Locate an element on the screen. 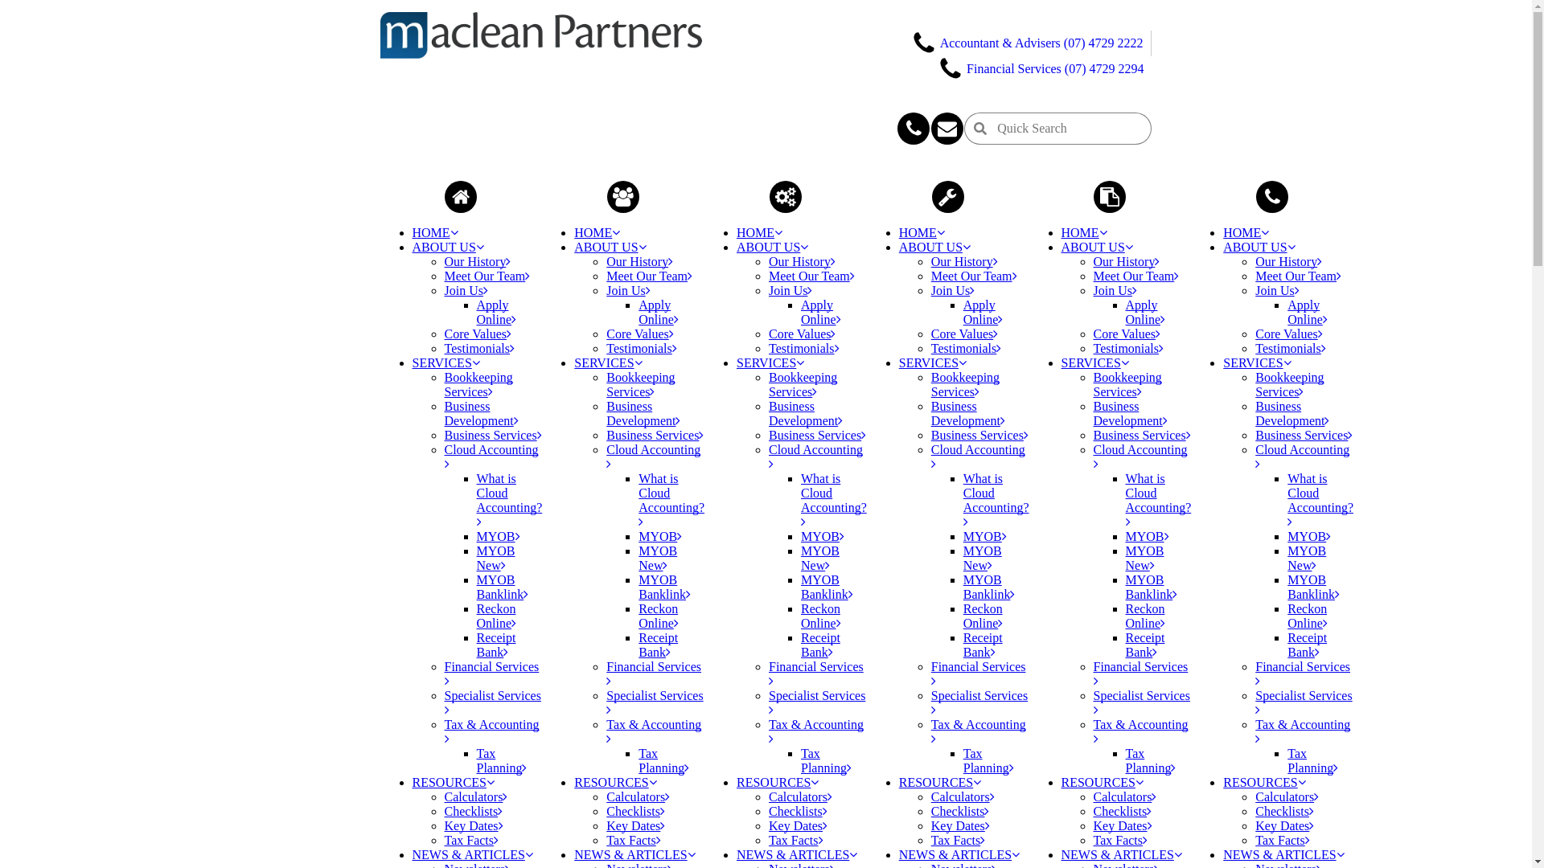 The width and height of the screenshot is (1544, 868). 'Tax & Accounting' is located at coordinates (653, 731).